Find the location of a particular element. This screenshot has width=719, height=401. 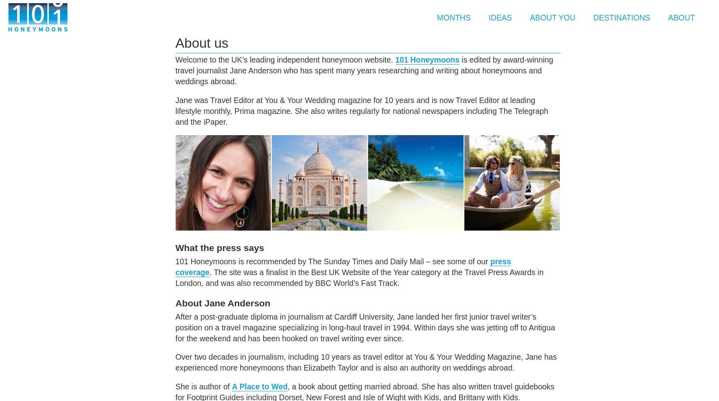

'press coverage' is located at coordinates (342, 267).